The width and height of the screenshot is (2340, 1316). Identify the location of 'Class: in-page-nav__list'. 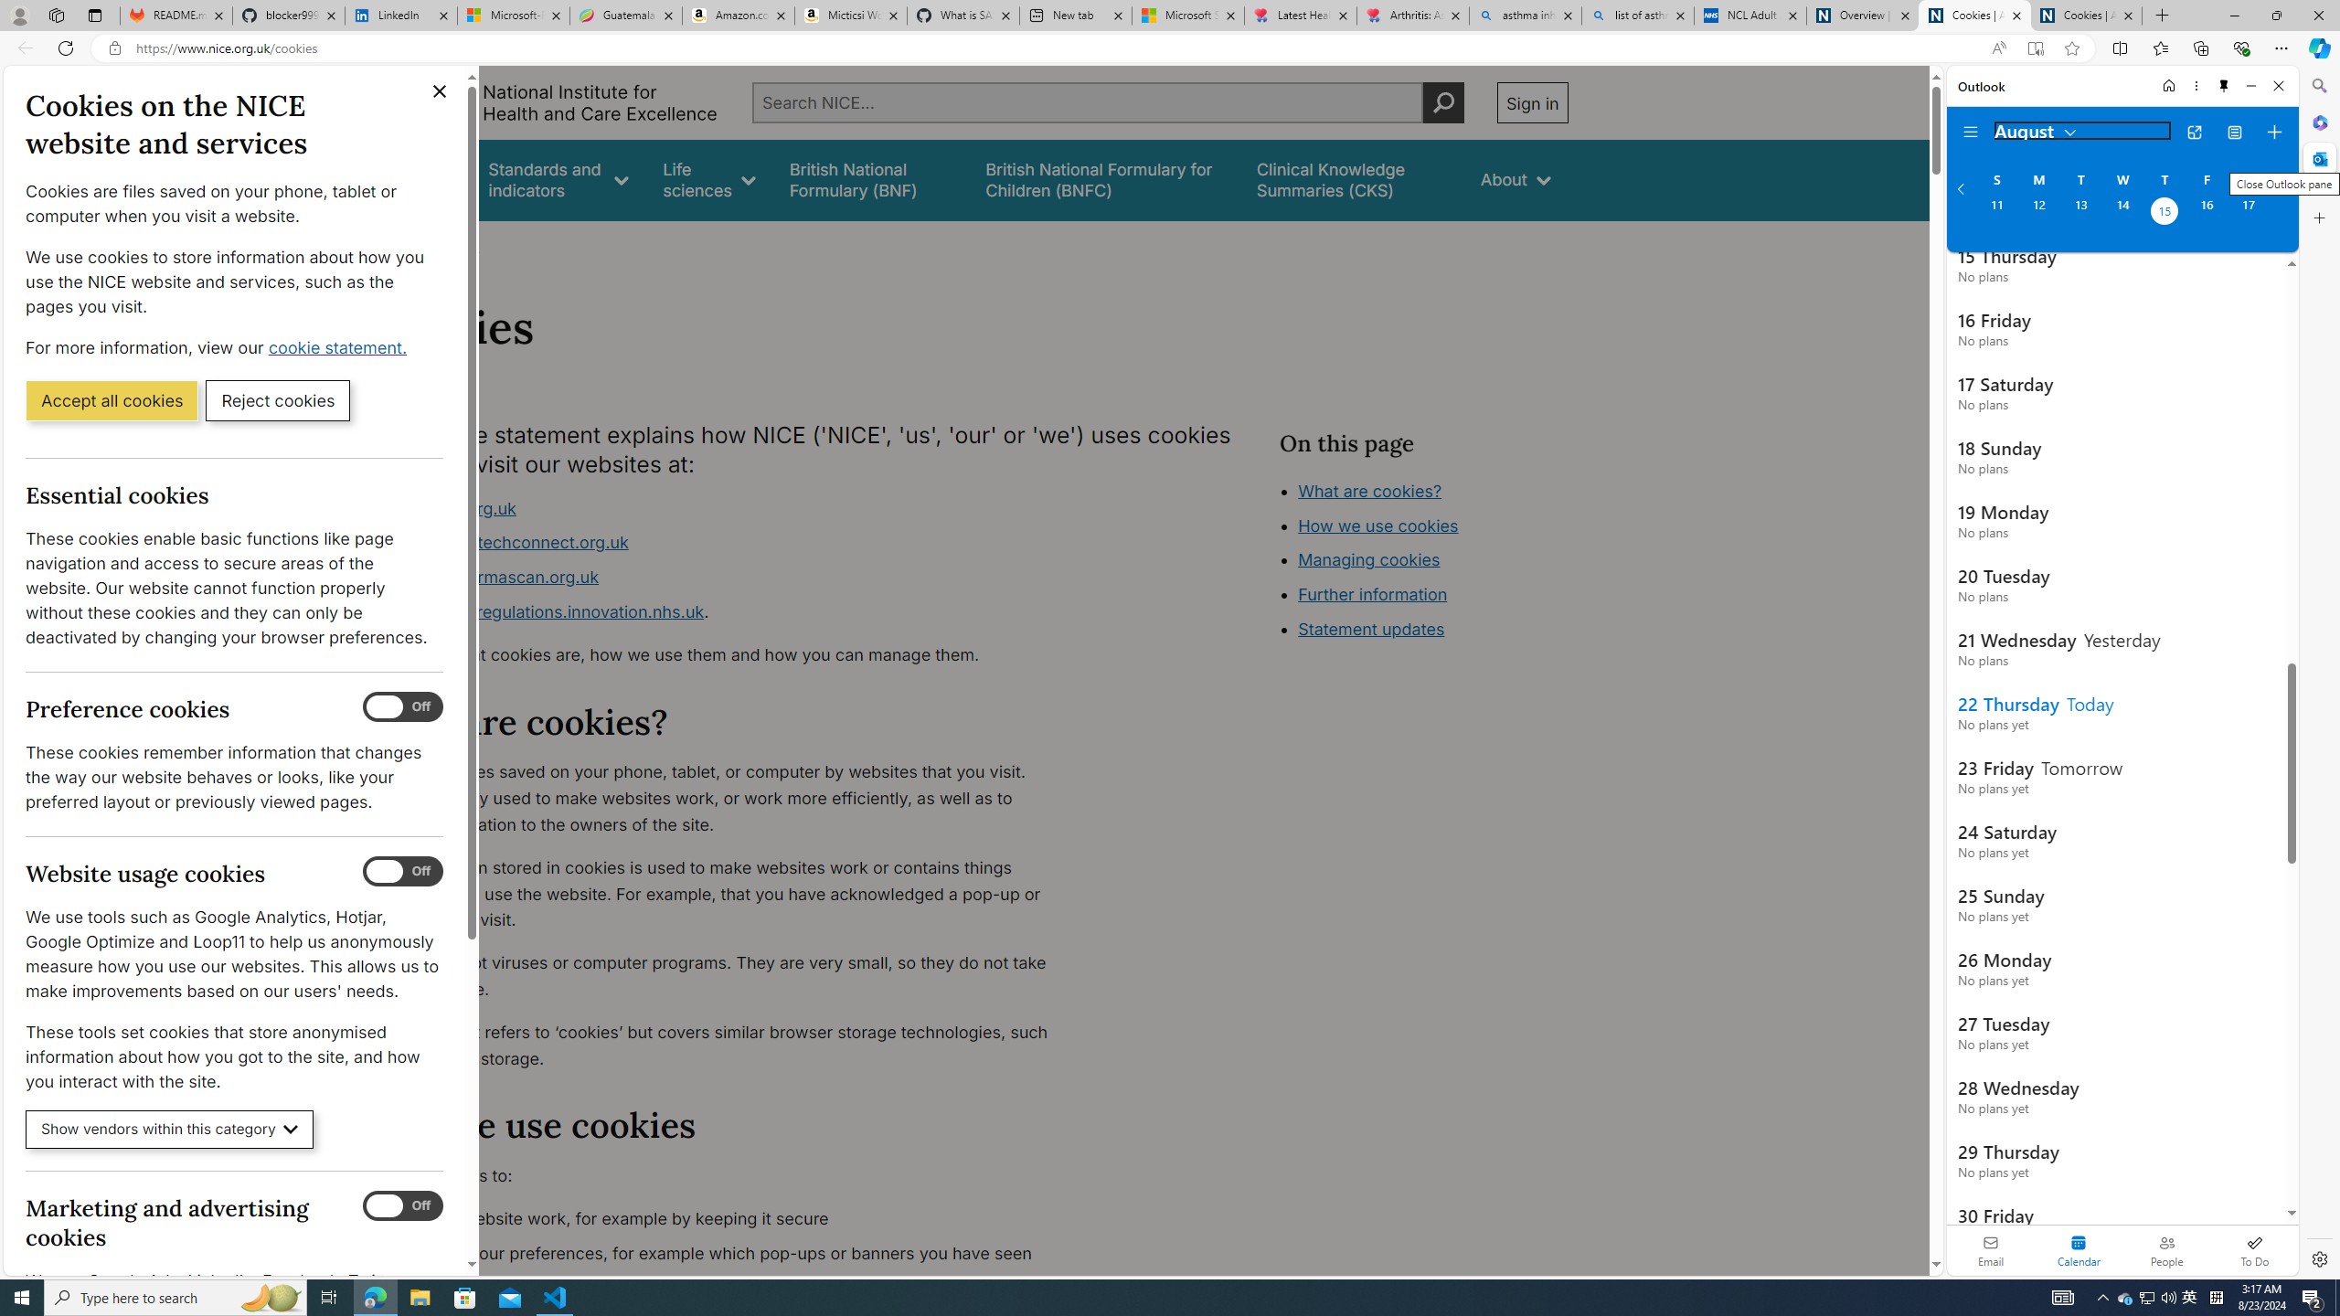
(1422, 561).